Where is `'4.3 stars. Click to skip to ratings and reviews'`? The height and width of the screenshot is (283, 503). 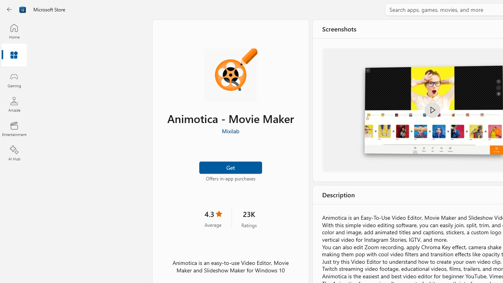 '4.3 stars. Click to skip to ratings and reviews' is located at coordinates (213, 219).